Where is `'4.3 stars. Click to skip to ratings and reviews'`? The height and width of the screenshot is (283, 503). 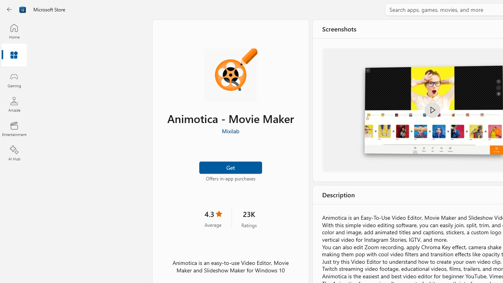 '4.3 stars. Click to skip to ratings and reviews' is located at coordinates (213, 219).